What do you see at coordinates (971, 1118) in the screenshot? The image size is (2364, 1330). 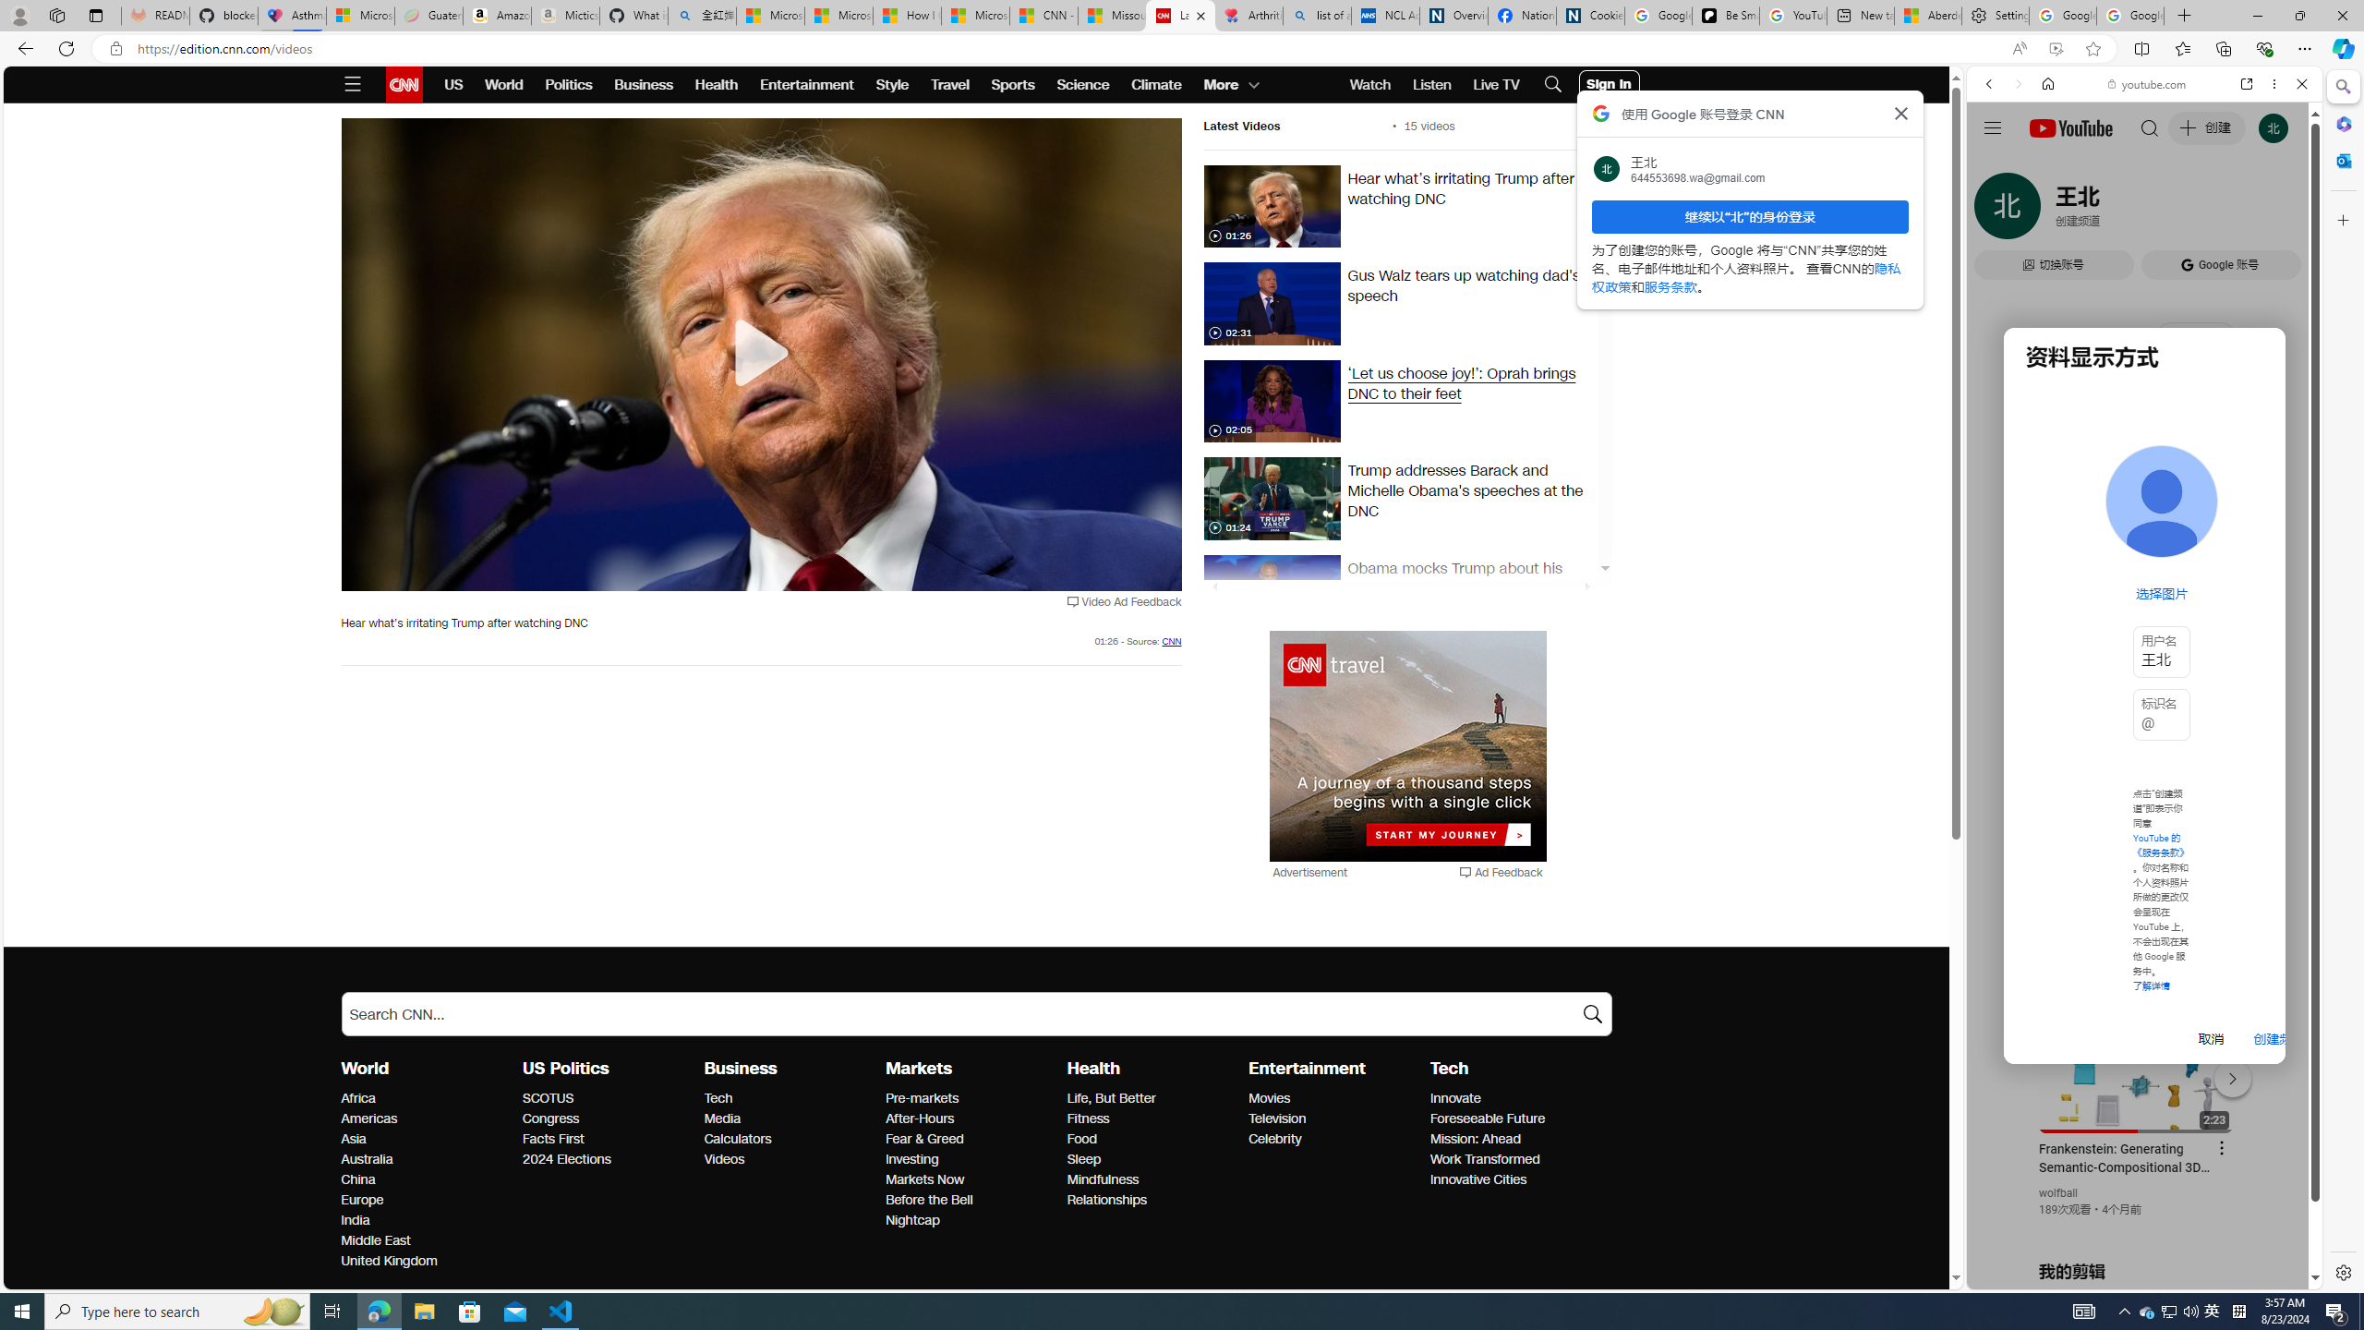 I see `'After-Hours'` at bounding box center [971, 1118].